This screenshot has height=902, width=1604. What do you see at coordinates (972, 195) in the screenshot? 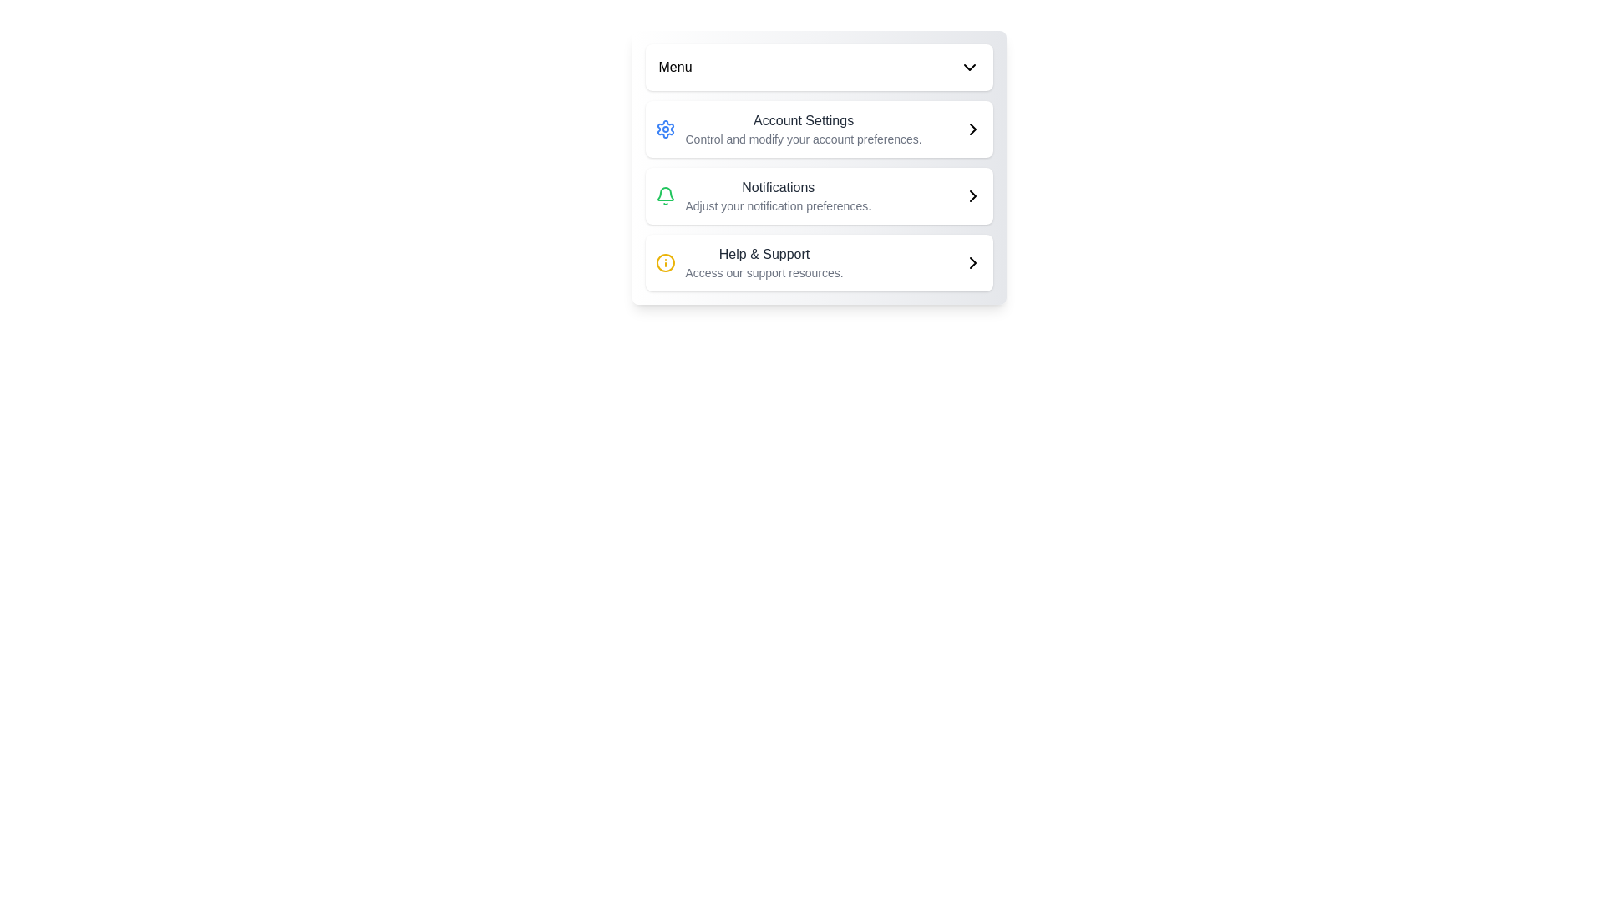
I see `the rightmost icon in the 'Notifications' row of the menu that indicates it can be expanded for more details regarding notification settings` at bounding box center [972, 195].